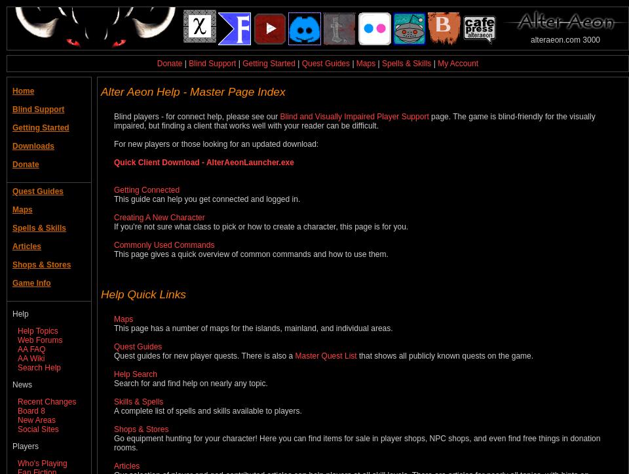  I want to click on 'Creating A New Character', so click(158, 216).